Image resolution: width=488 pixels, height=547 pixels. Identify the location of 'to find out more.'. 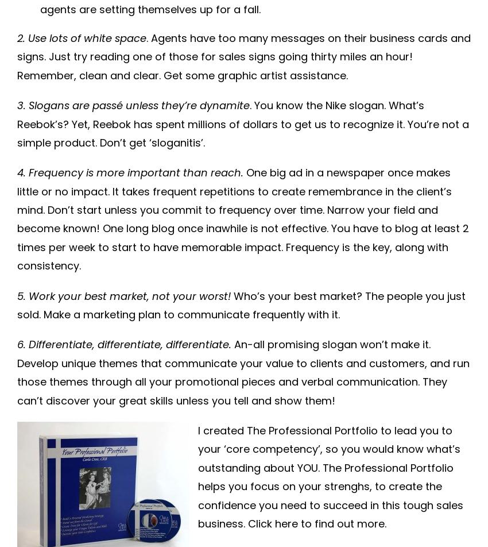
(342, 523).